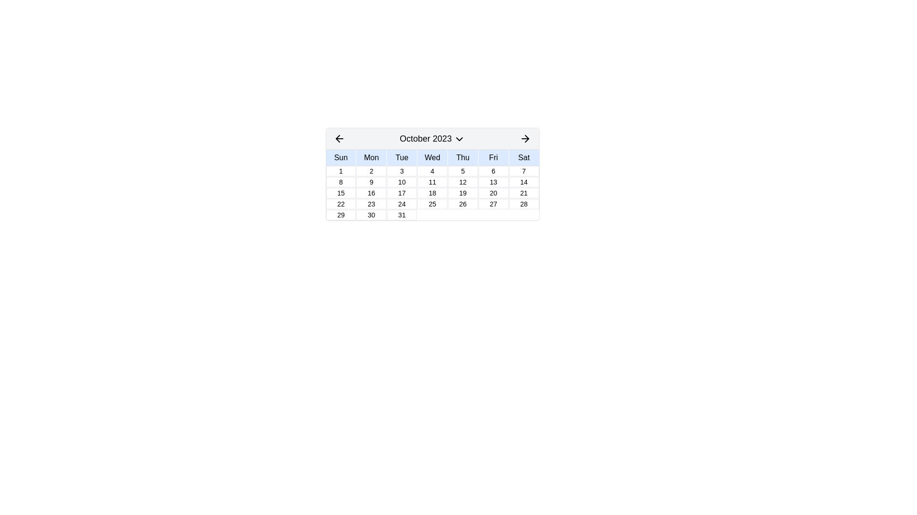 The width and height of the screenshot is (917, 515). I want to click on the navigation button (arrow) located in the upper-right area of the calendar interface to proceed to the next period, so click(527, 138).